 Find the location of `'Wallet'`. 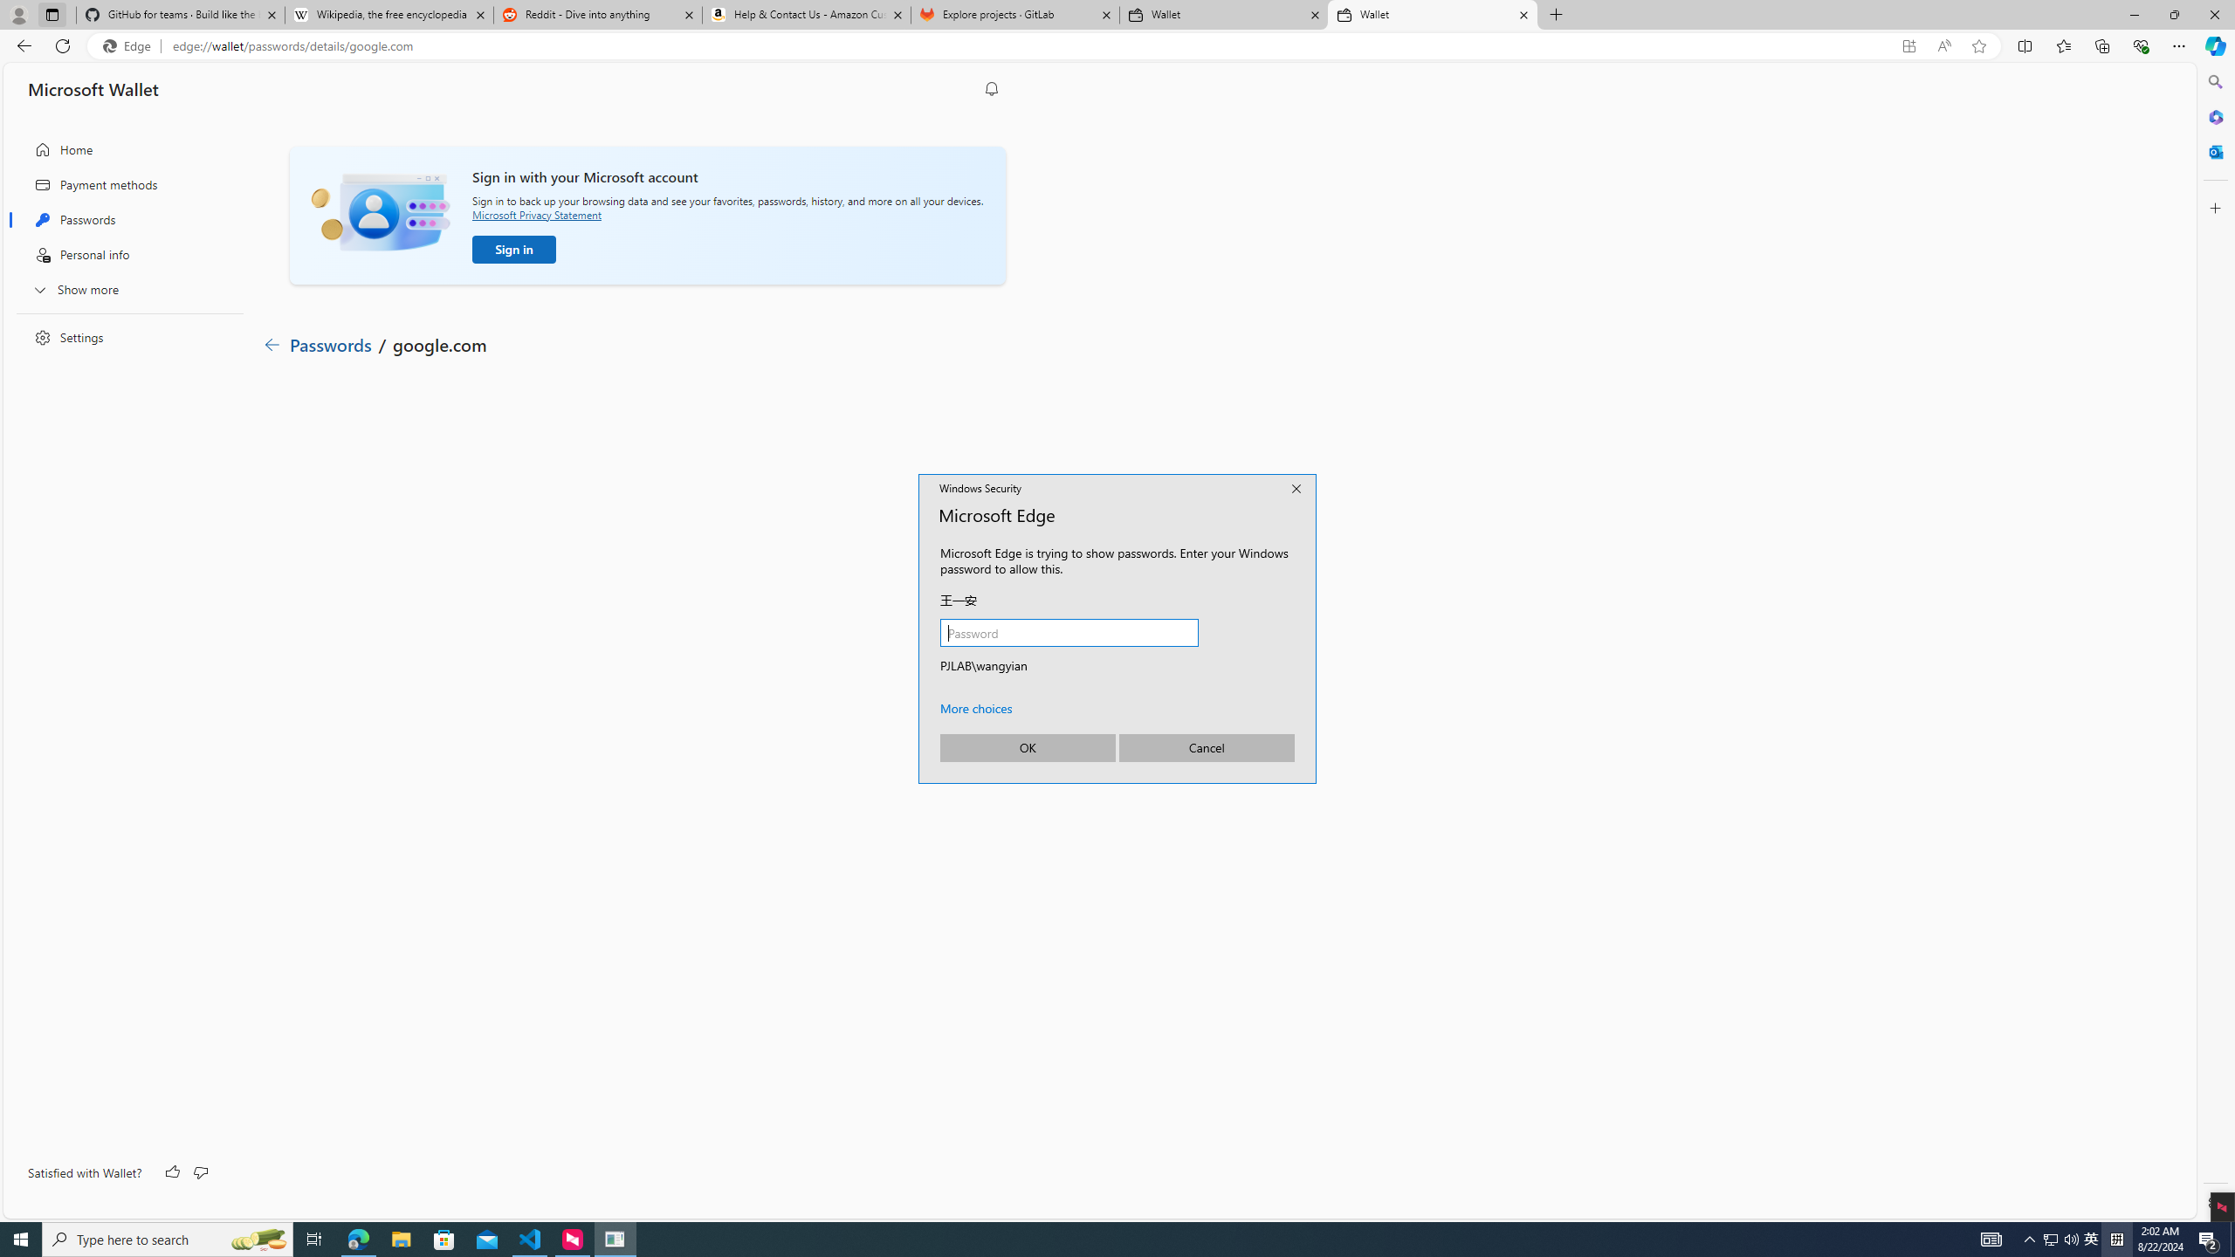

'Wallet' is located at coordinates (1431, 14).